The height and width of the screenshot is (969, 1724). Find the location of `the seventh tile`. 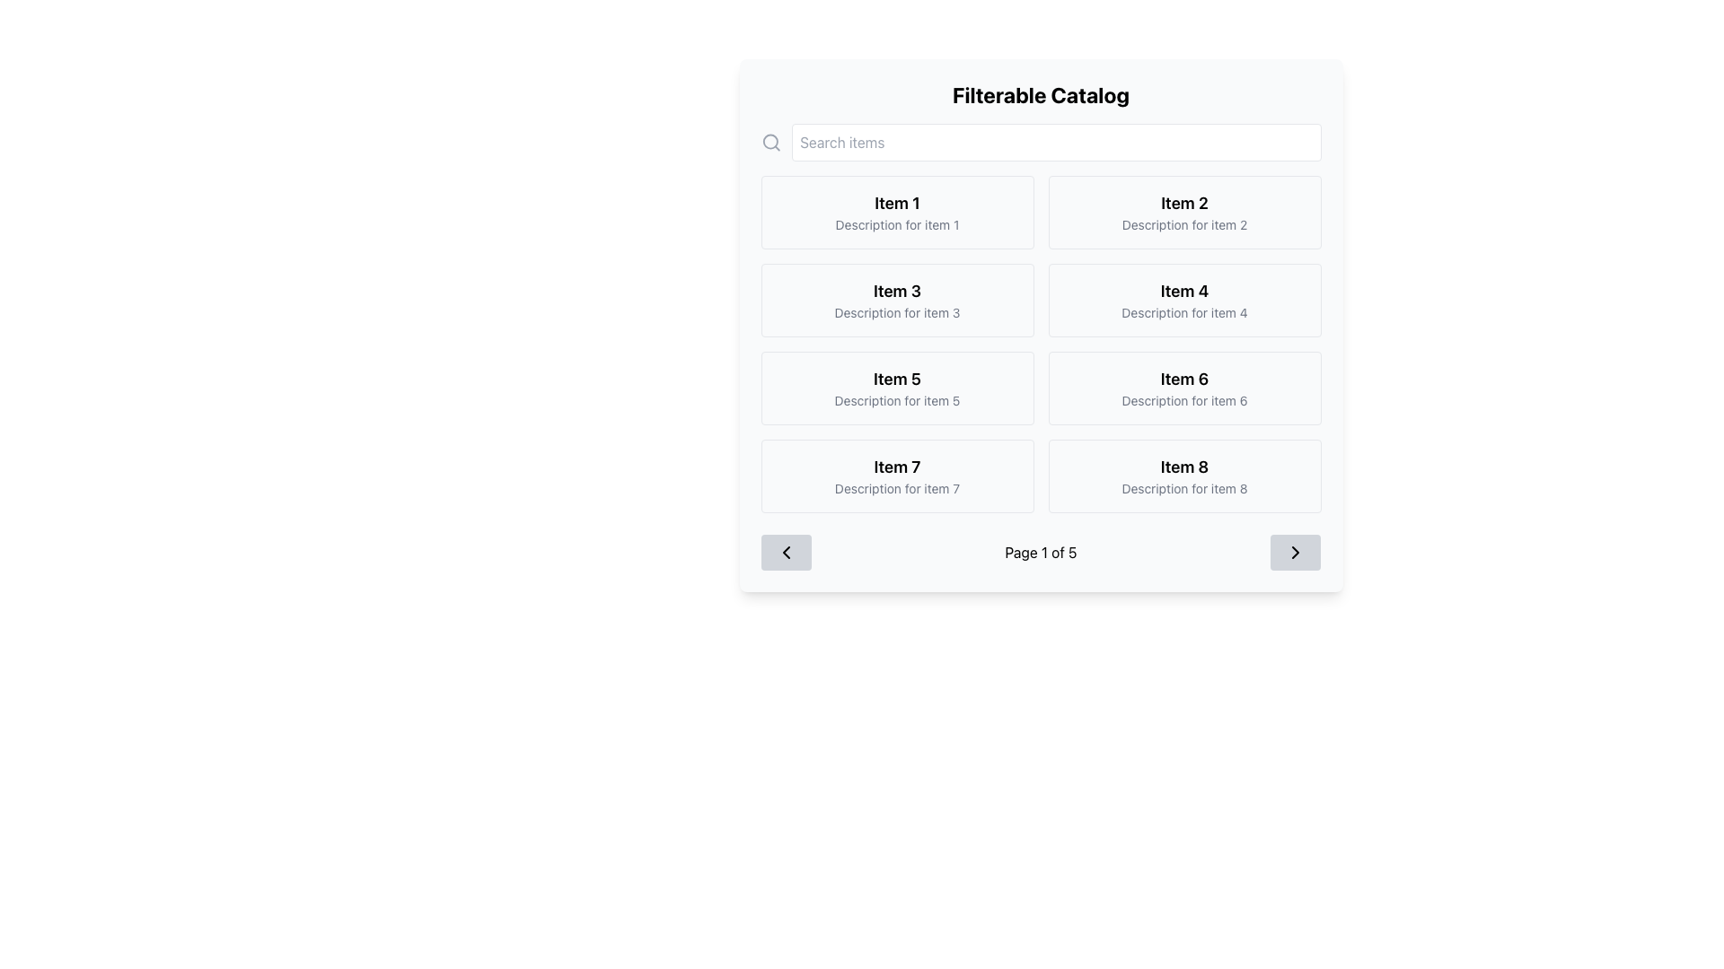

the seventh tile is located at coordinates (897, 476).